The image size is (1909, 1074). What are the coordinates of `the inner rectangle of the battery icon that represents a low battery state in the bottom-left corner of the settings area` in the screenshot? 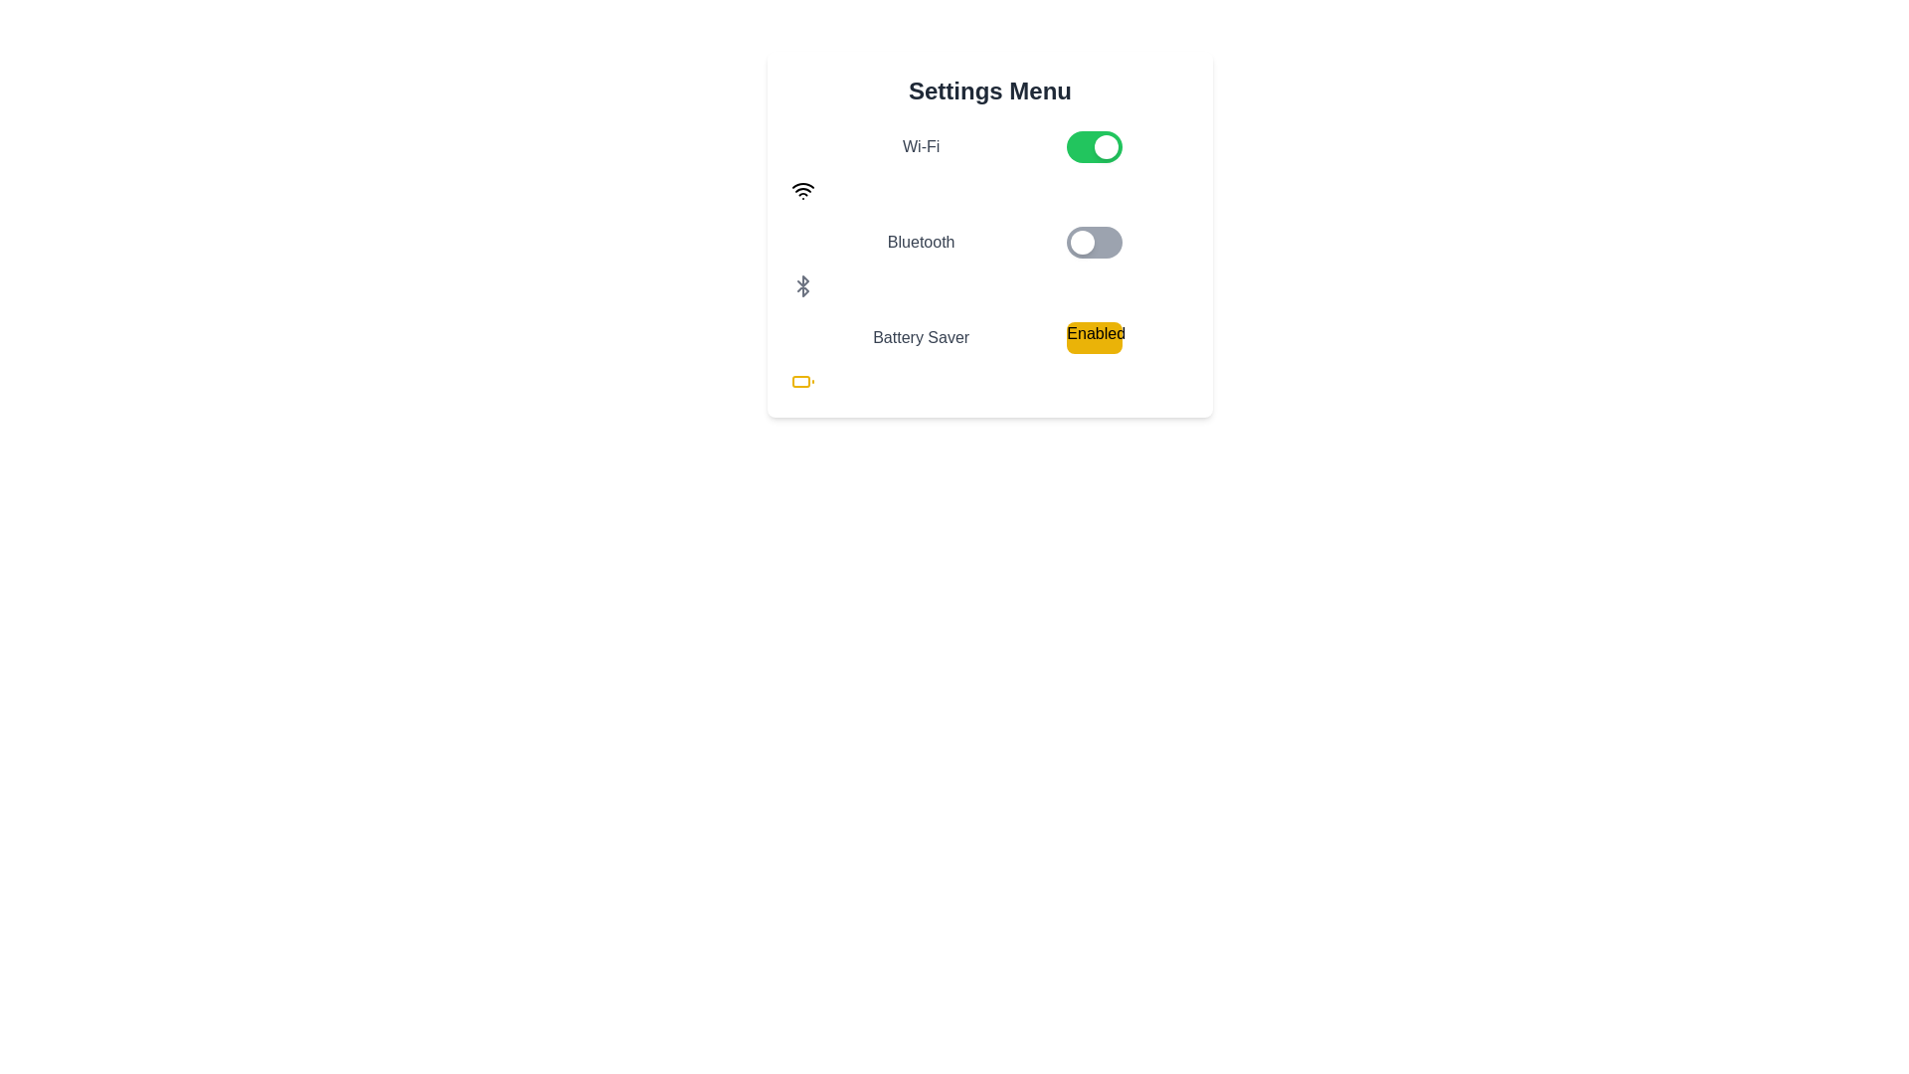 It's located at (801, 382).